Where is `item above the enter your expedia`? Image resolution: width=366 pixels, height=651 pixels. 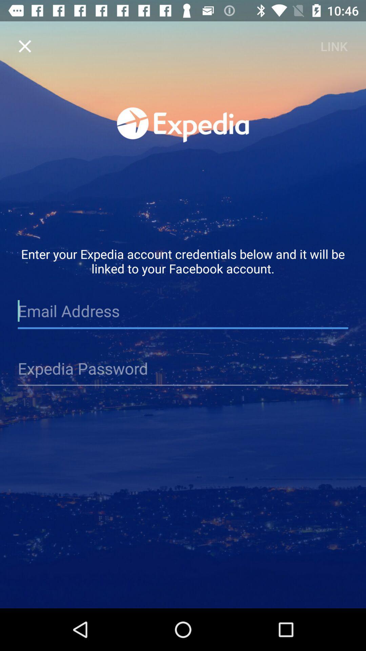
item above the enter your expedia is located at coordinates (24, 46).